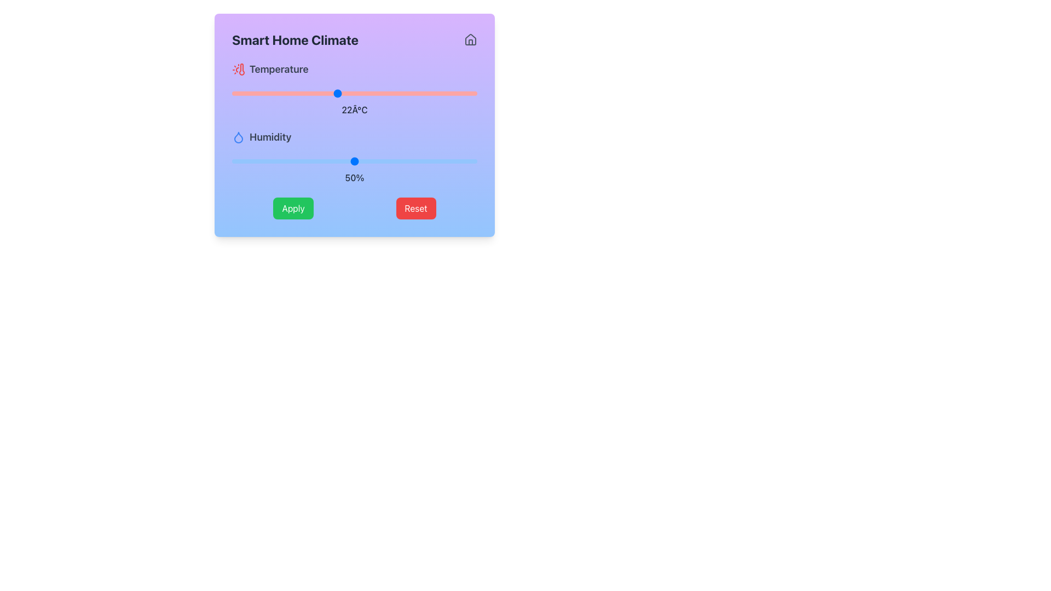 The width and height of the screenshot is (1051, 591). I want to click on temperature, so click(267, 92).